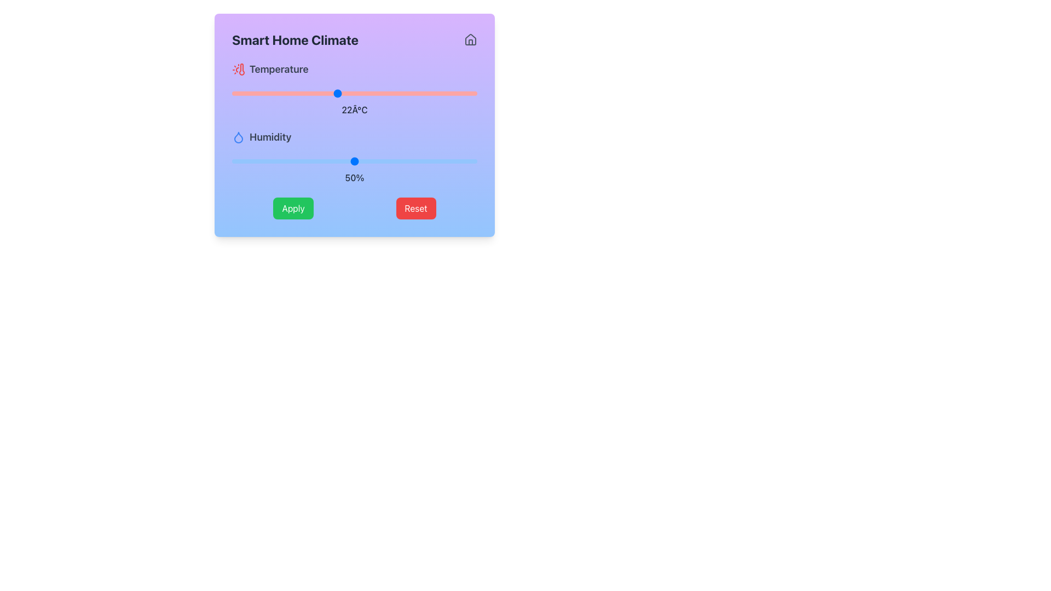 The width and height of the screenshot is (1051, 591). I want to click on temperature, so click(267, 92).